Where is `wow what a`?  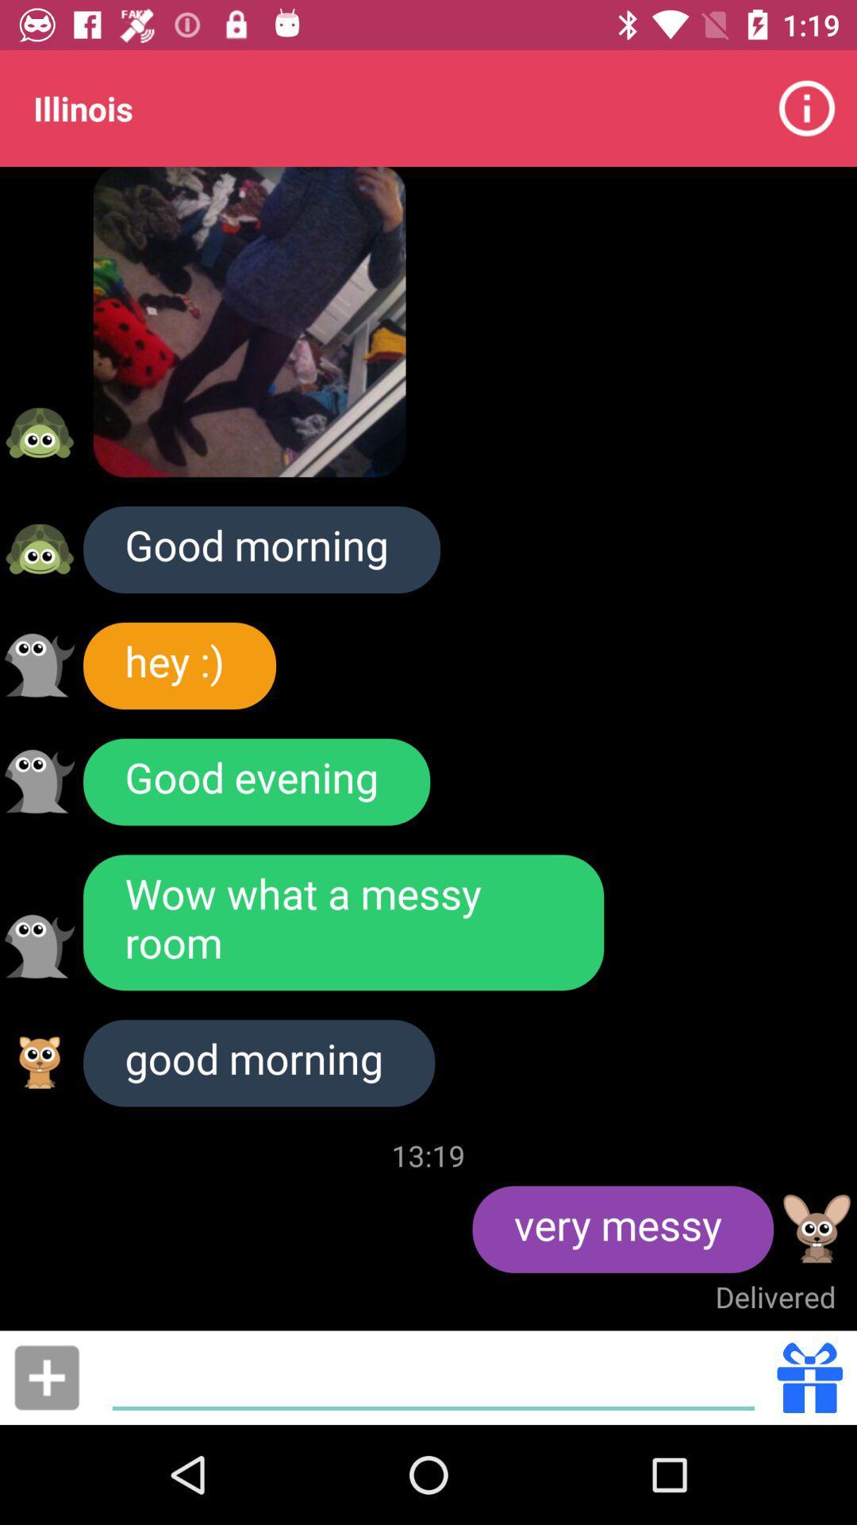
wow what a is located at coordinates (343, 922).